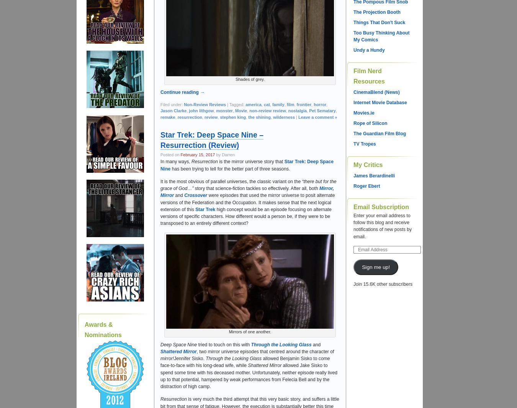 Image resolution: width=517 pixels, height=408 pixels. I want to click on 'film', so click(290, 104).